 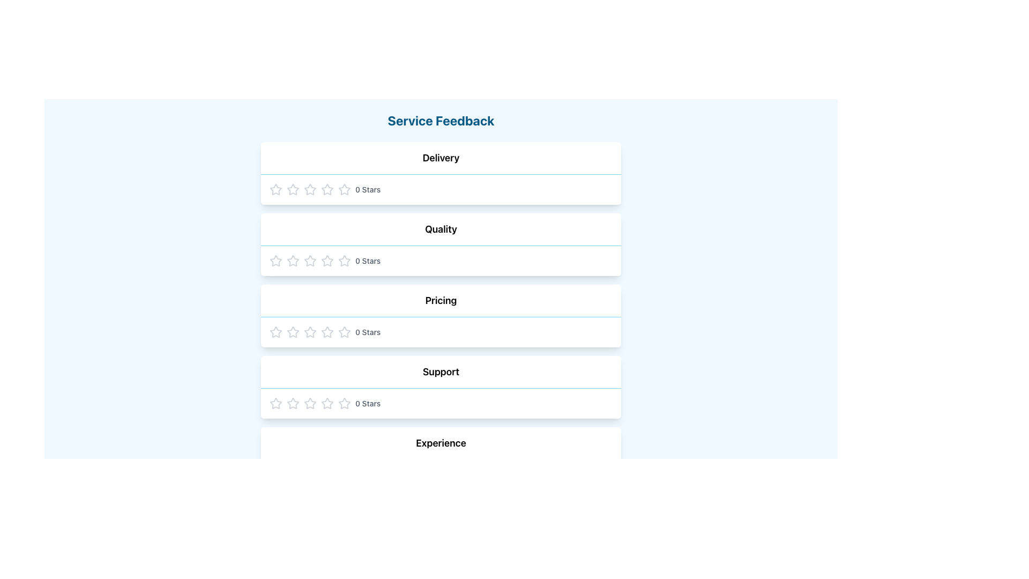 I want to click on the third star in the Quality rating row of the feedback form, so click(x=293, y=261).